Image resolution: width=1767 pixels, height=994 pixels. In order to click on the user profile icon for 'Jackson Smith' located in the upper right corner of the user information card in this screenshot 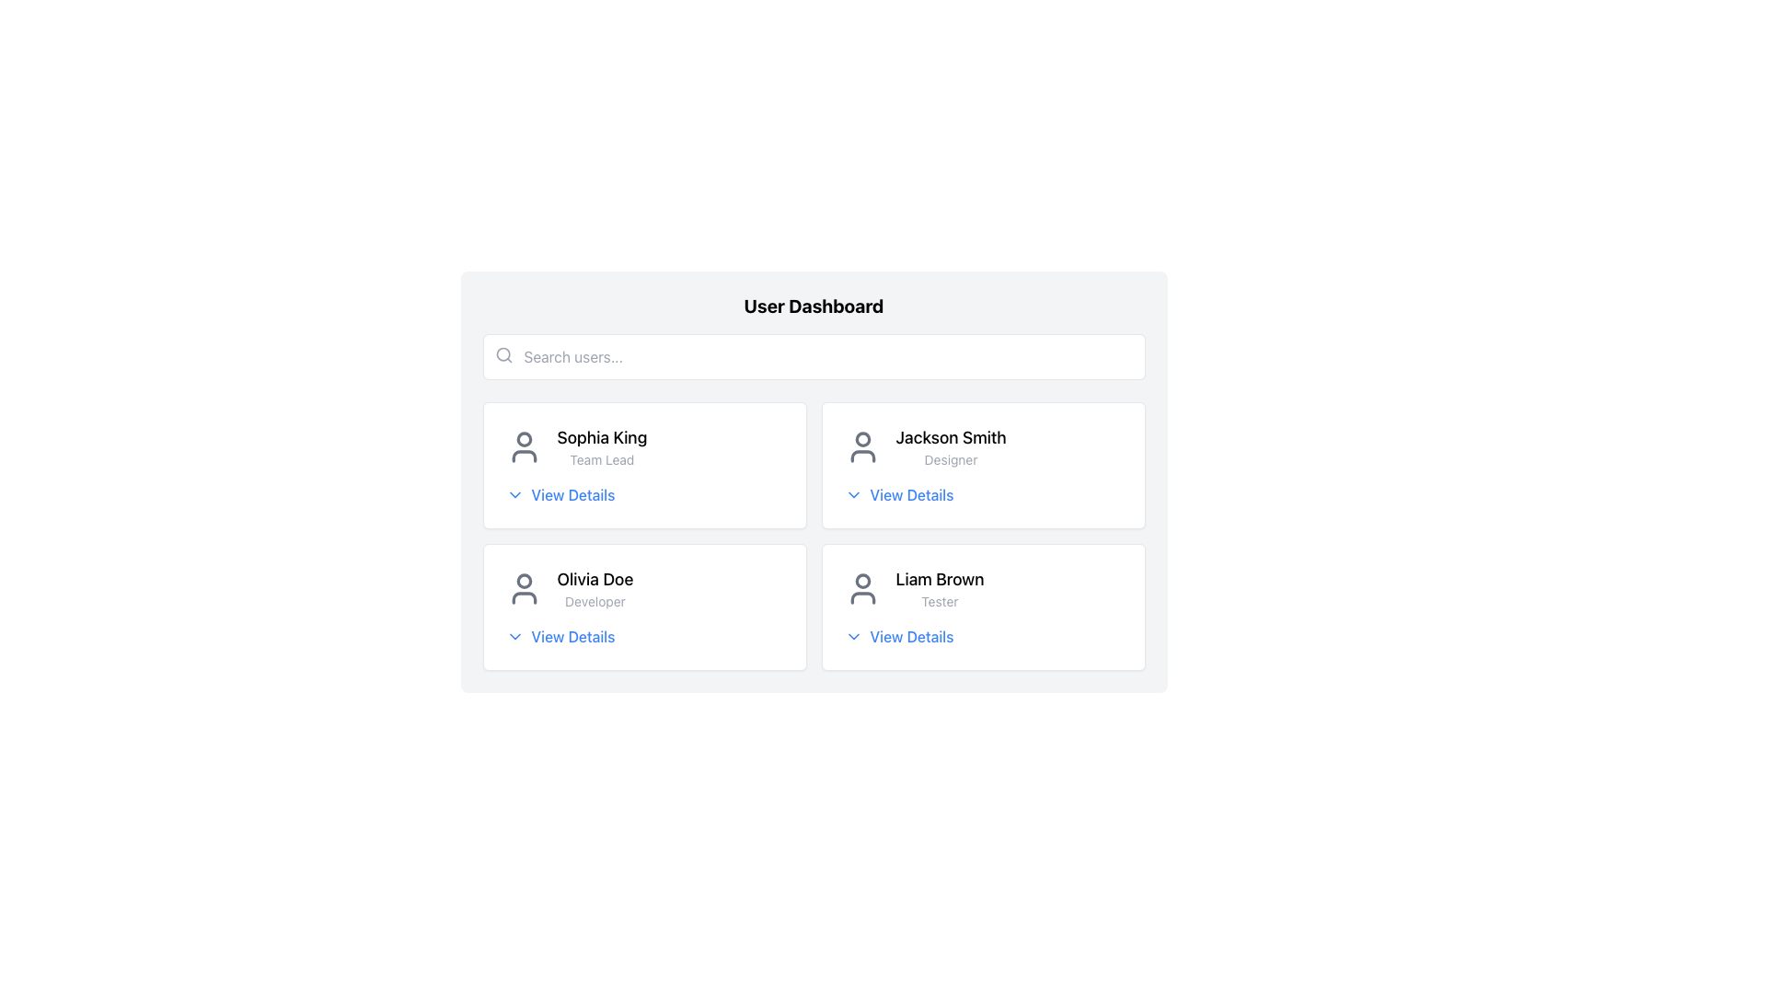, I will do `click(861, 447)`.